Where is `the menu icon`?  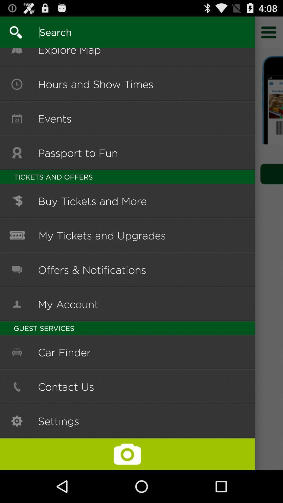
the menu icon is located at coordinates (269, 34).